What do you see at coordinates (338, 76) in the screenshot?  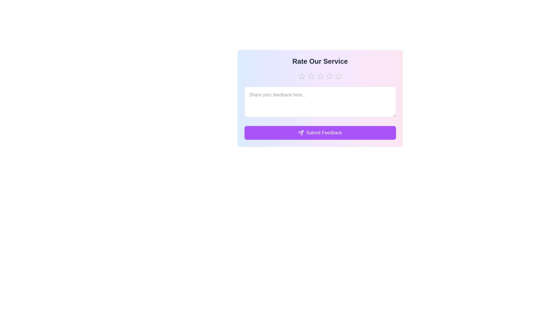 I see `the rating to 5 stars by clicking the corresponding star button` at bounding box center [338, 76].